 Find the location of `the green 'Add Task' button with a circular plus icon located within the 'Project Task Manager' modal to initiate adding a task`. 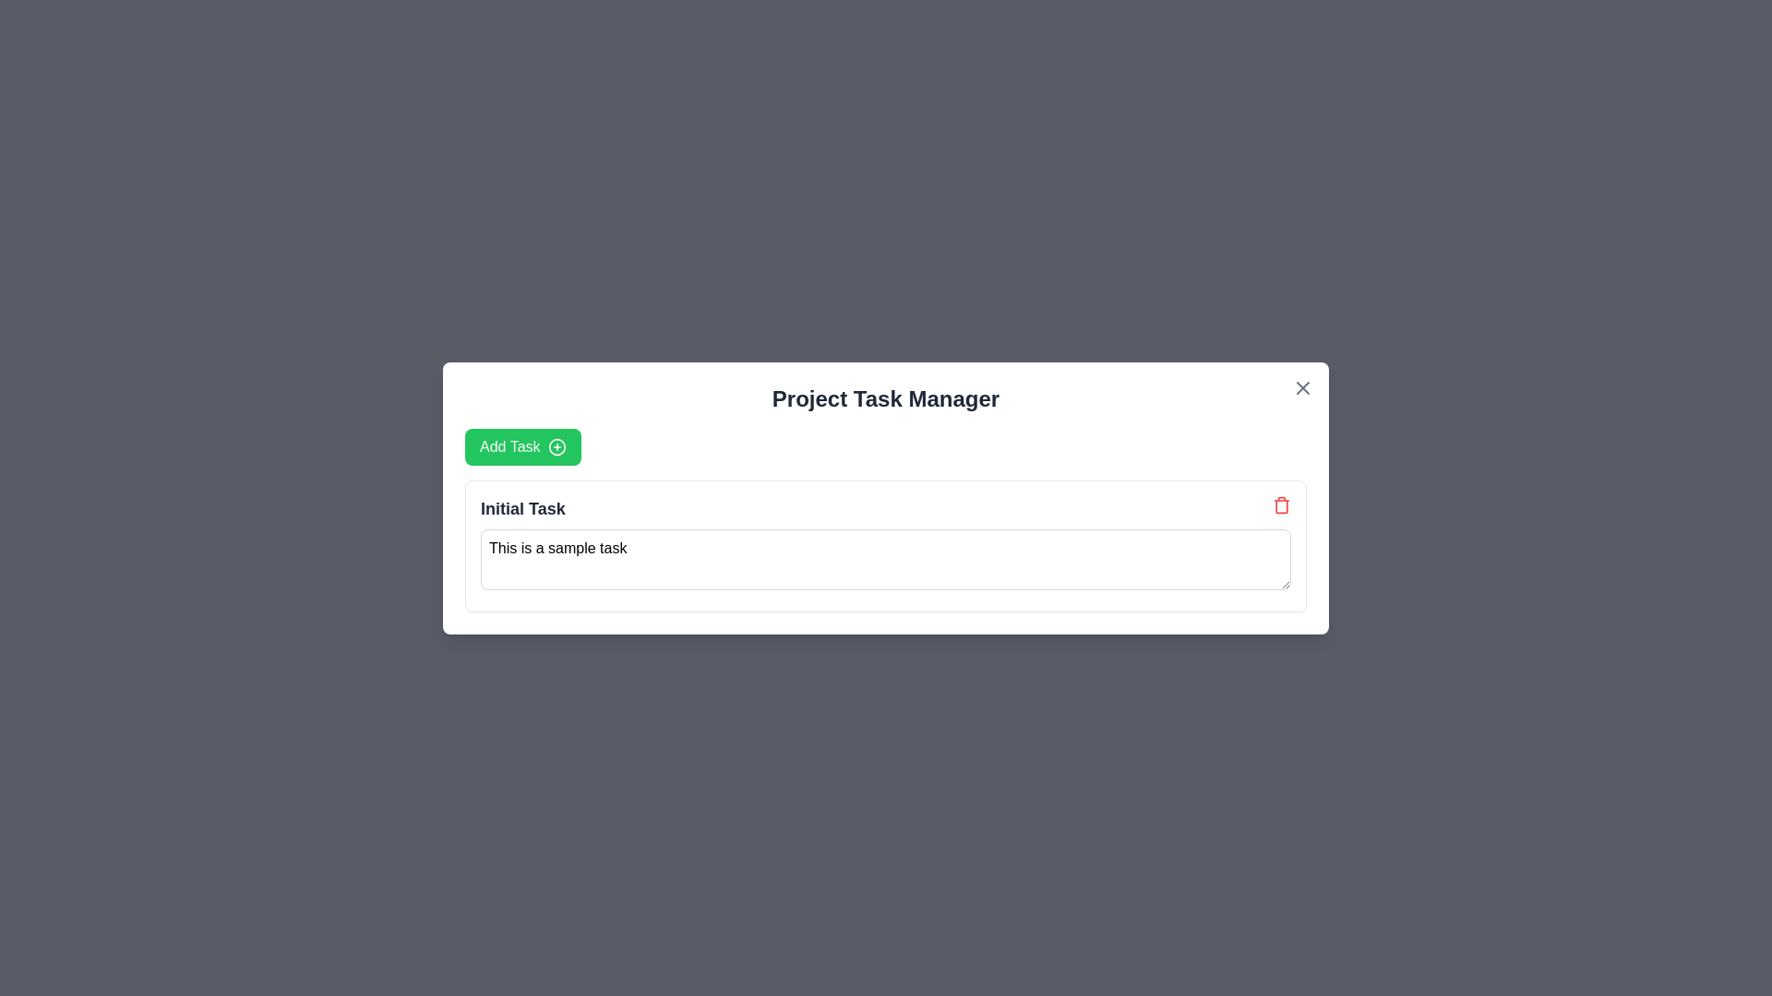

the green 'Add Task' button with a circular plus icon located within the 'Project Task Manager' modal to initiate adding a task is located at coordinates (521, 446).